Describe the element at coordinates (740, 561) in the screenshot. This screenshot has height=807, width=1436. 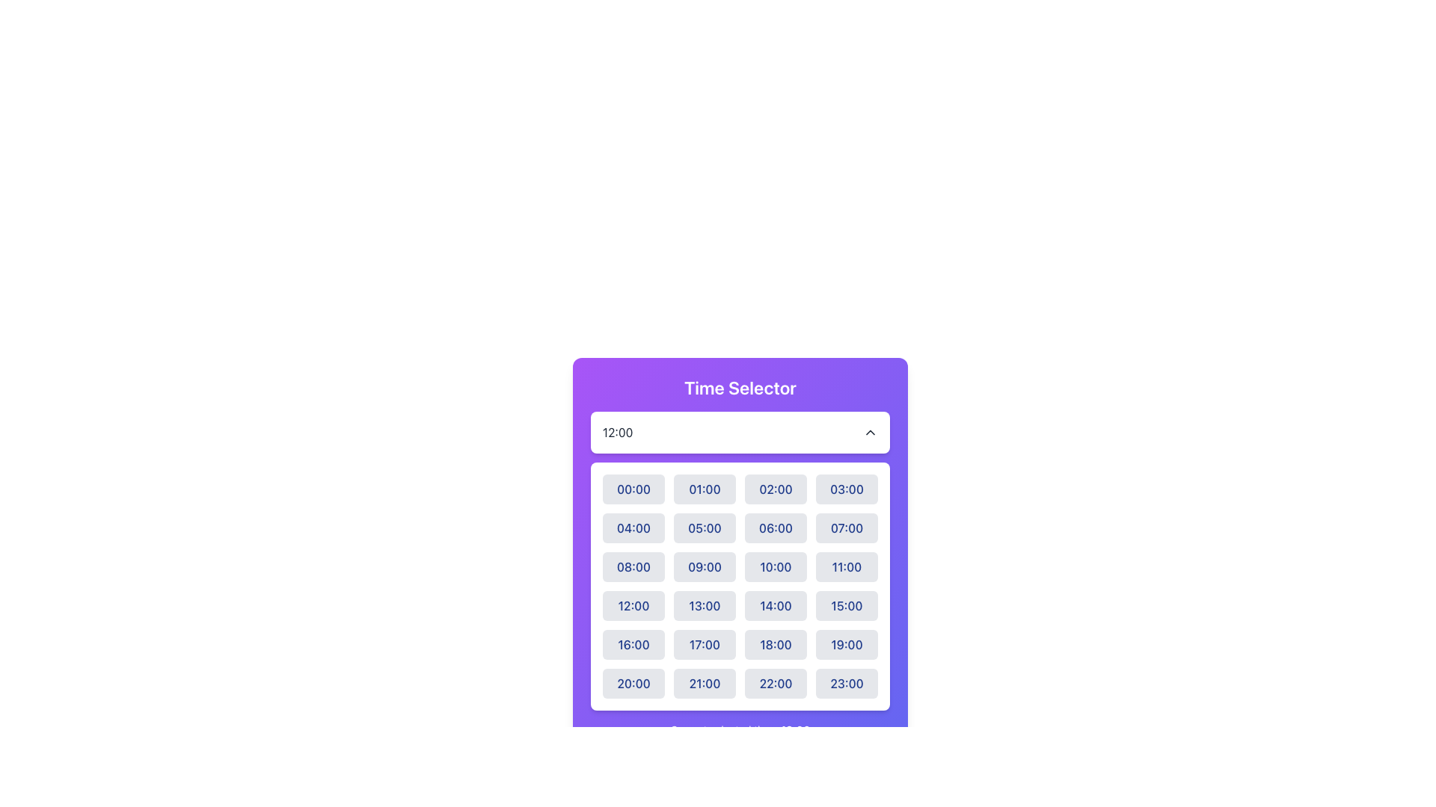
I see `a time slot in the grid layout below the 'Time Selector' header` at that location.